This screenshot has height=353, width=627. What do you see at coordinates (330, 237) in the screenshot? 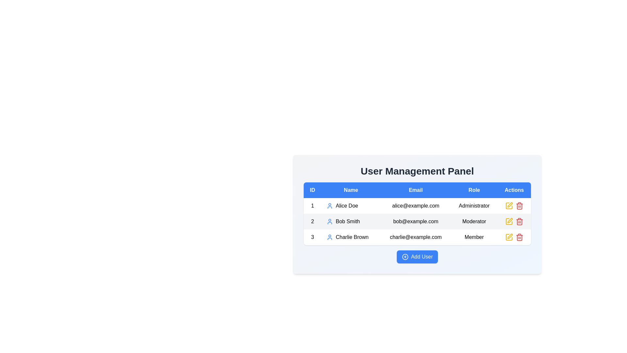
I see `the user silhouette icon located in the third row under the 'Name' column, next to the entry labeled 'Charlie Brown'` at bounding box center [330, 237].